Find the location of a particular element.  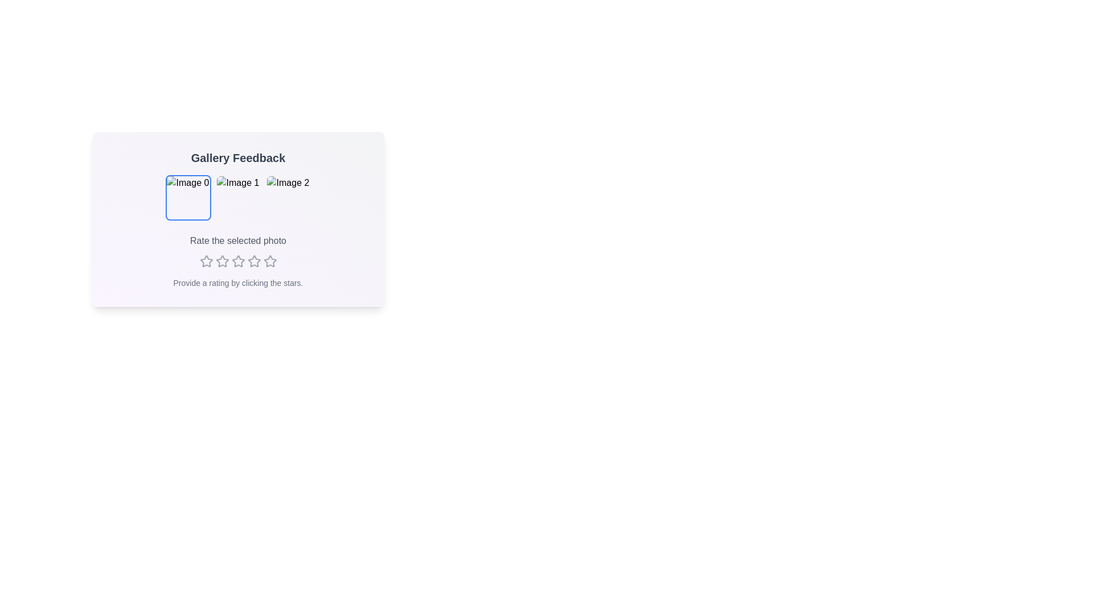

the text label that says 'Rate the selected photo', which is displayed in gray font and positioned above the rating stars is located at coordinates (237, 240).